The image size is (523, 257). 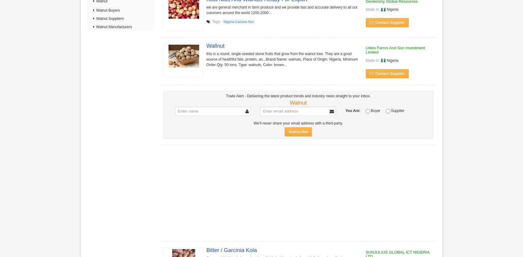 I want to click on 'Tags:', so click(x=216, y=21).